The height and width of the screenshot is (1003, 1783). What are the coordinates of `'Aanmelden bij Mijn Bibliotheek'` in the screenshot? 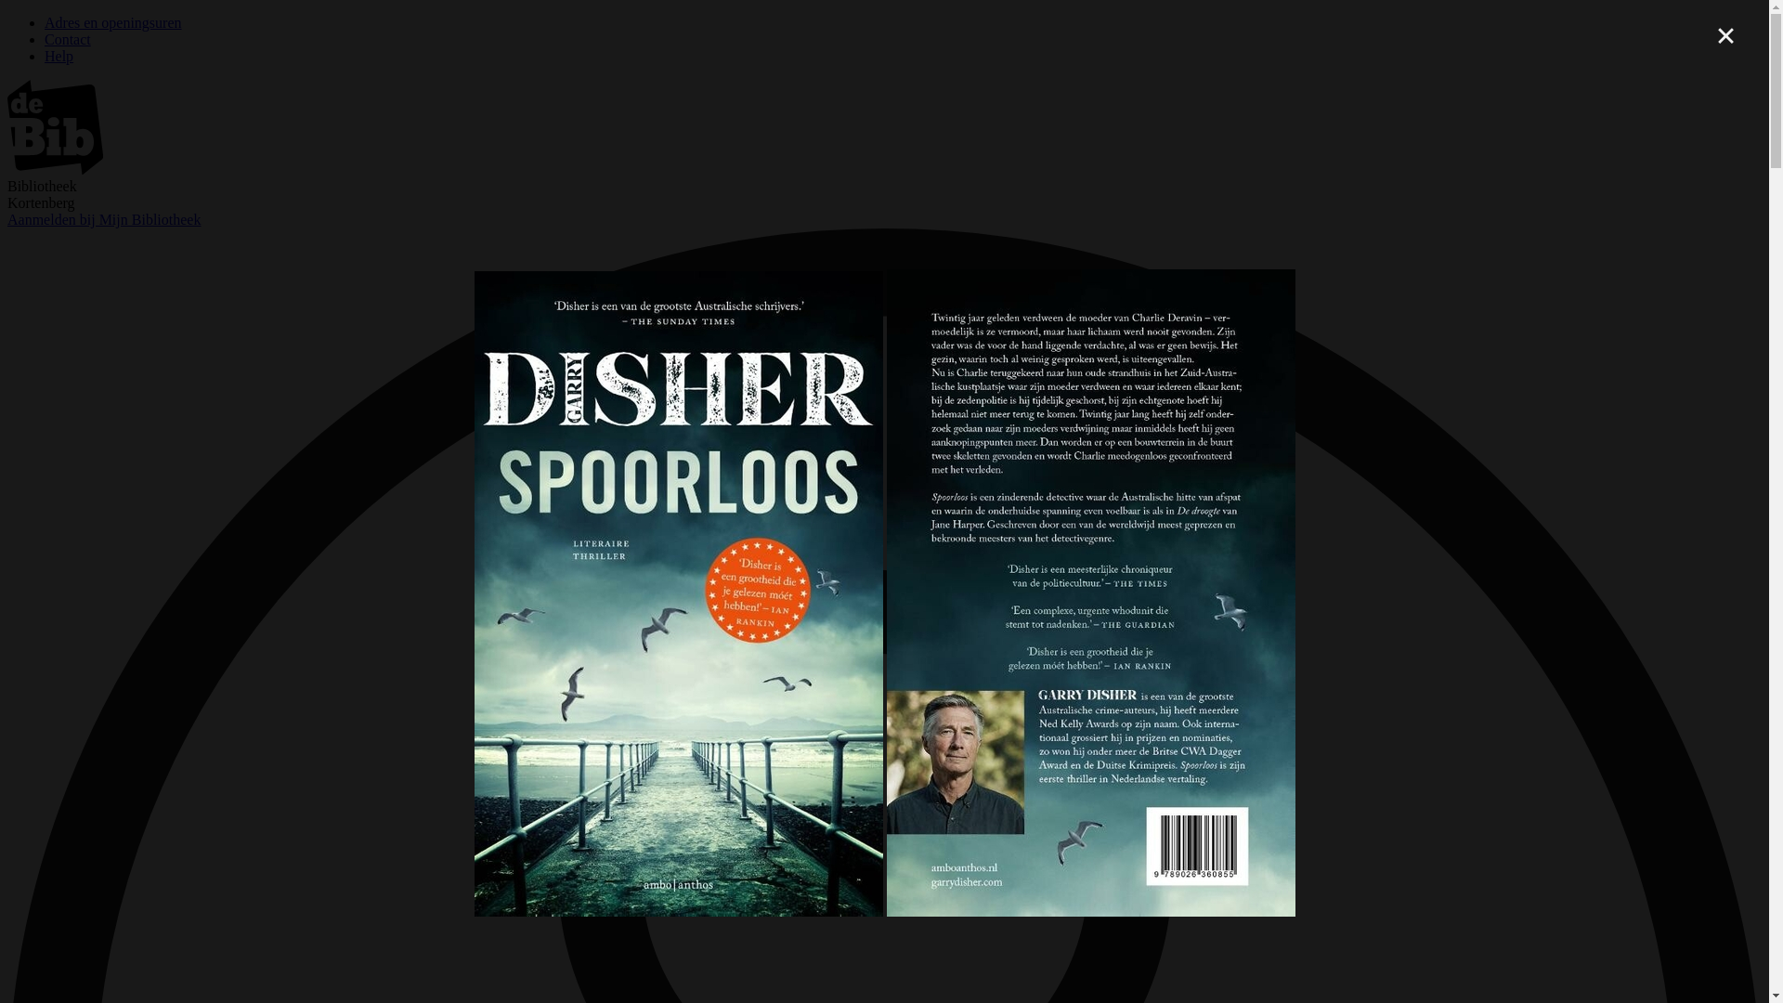 It's located at (102, 218).